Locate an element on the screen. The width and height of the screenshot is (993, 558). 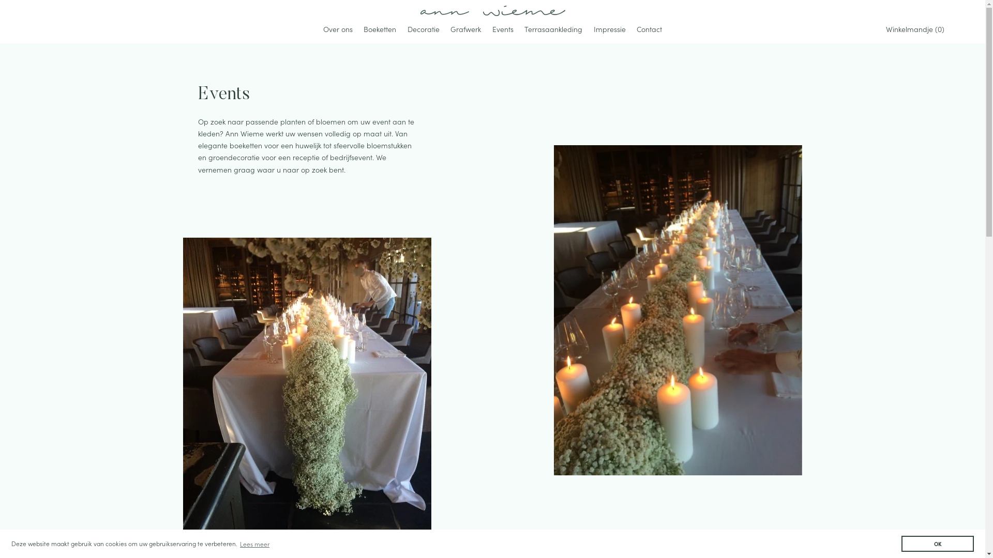
'Impressie' is located at coordinates (589, 29).